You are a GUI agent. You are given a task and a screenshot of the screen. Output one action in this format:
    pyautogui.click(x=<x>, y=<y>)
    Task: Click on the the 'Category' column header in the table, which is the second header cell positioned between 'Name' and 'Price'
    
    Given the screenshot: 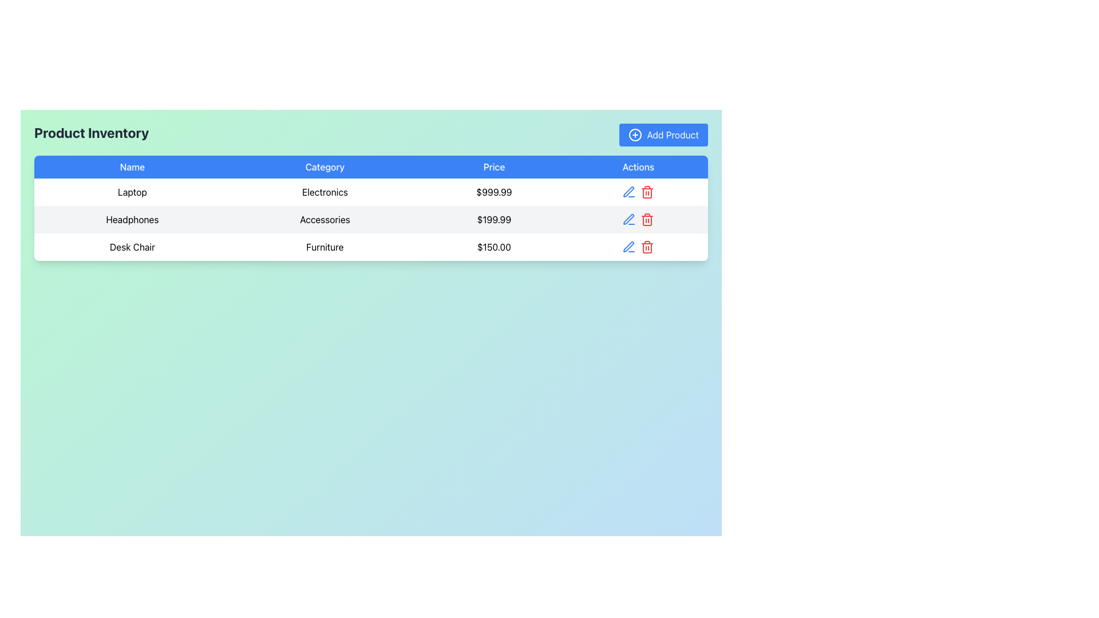 What is the action you would take?
    pyautogui.click(x=324, y=167)
    